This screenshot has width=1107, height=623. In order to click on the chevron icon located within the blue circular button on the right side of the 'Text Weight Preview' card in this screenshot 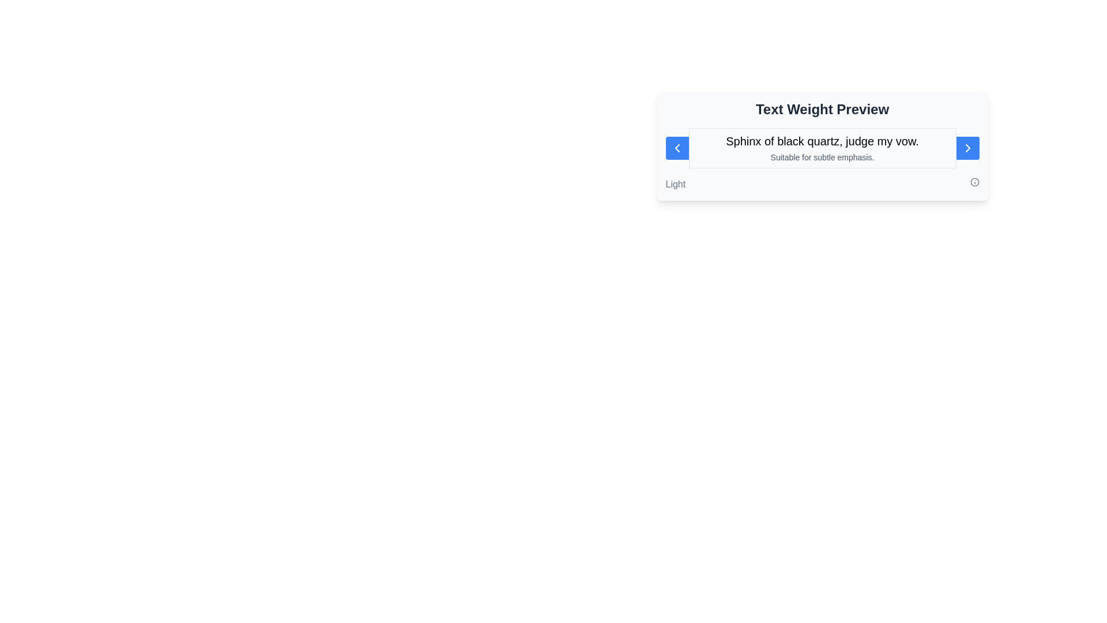, I will do `click(967, 148)`.